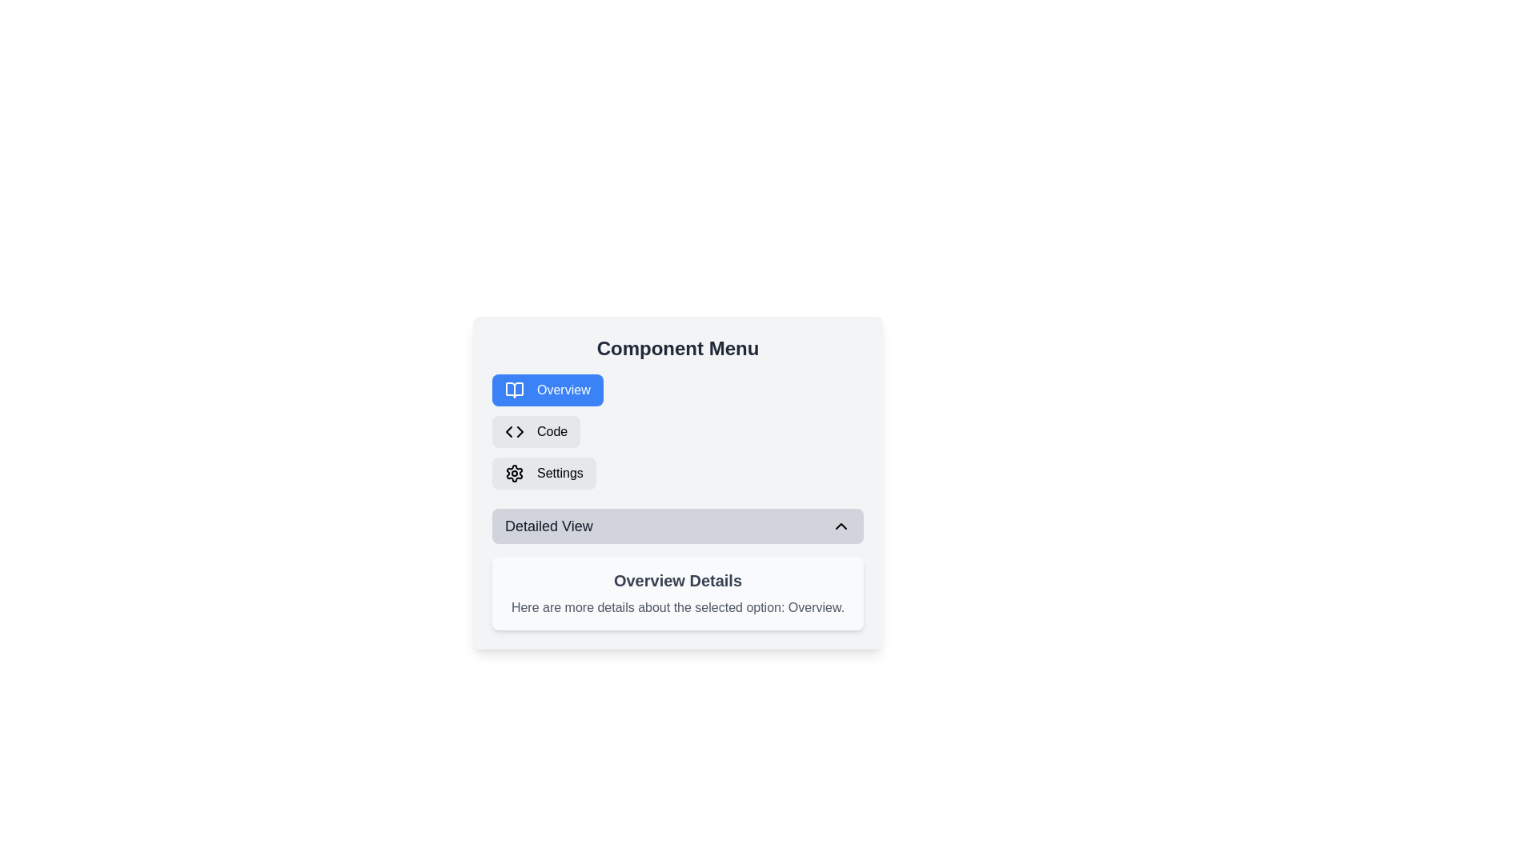 The image size is (1537, 864). Describe the element at coordinates (560, 472) in the screenshot. I see `the 'Settings' label located within the navigation button below the 'Code' button in the Component Menu panel` at that location.